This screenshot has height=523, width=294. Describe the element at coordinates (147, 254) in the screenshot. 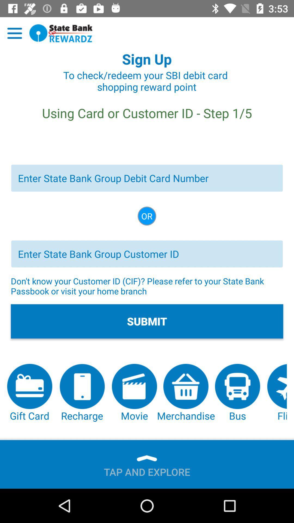

I see `id box` at that location.